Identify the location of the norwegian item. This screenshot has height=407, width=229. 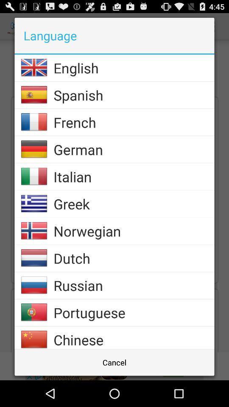
(134, 231).